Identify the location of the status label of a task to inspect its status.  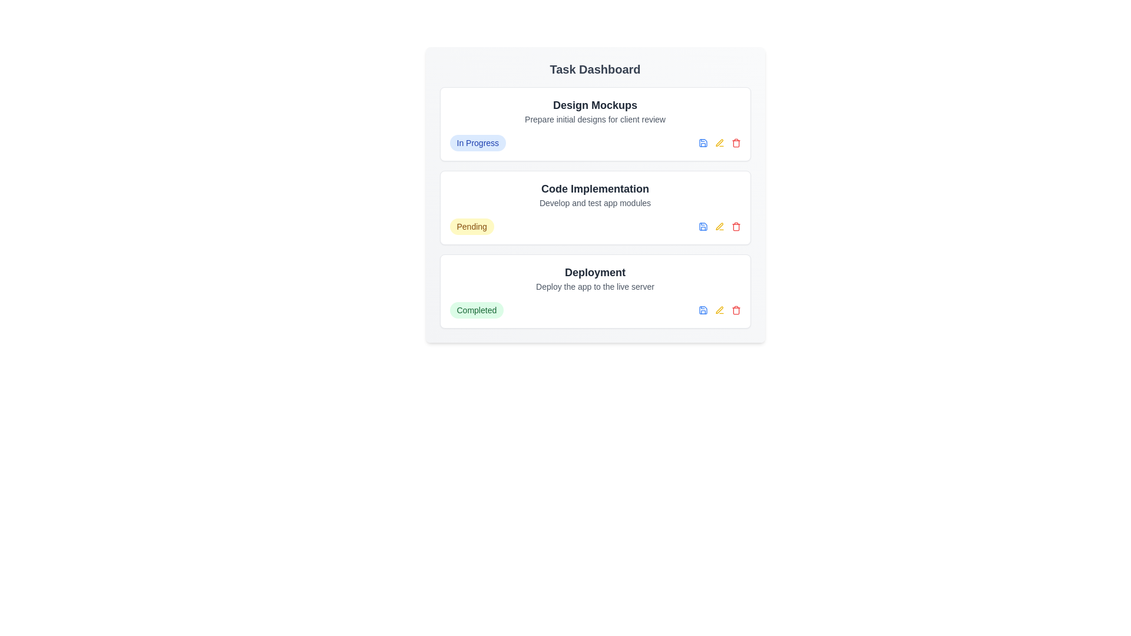
(478, 143).